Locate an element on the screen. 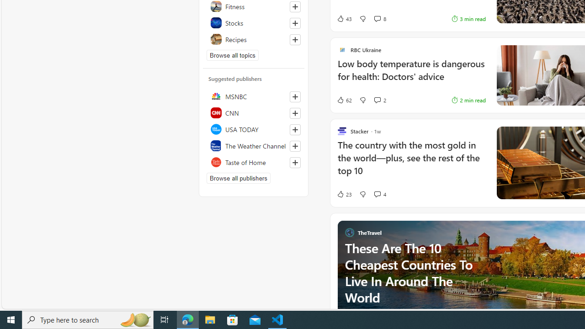  'View comments 4 Comment' is located at coordinates (377, 193).